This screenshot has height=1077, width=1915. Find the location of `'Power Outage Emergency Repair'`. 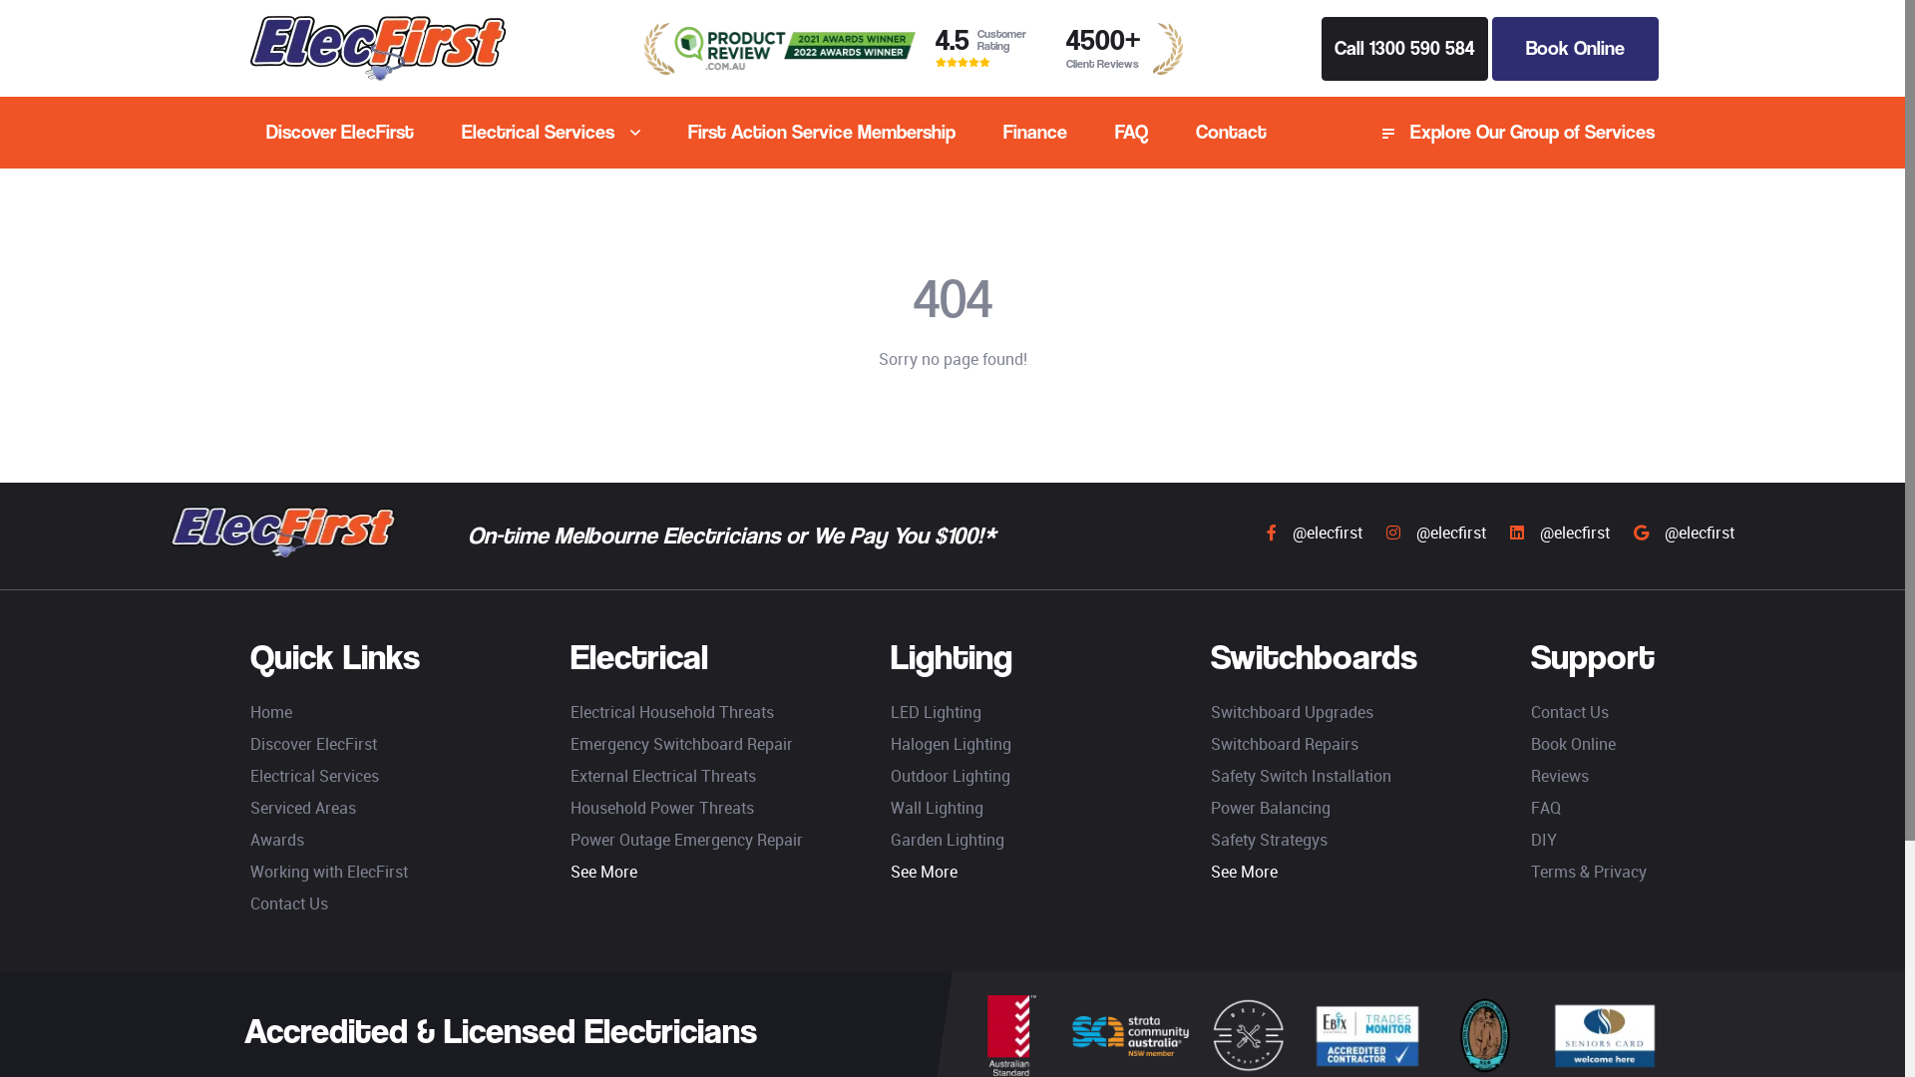

'Power Outage Emergency Repair' is located at coordinates (686, 839).